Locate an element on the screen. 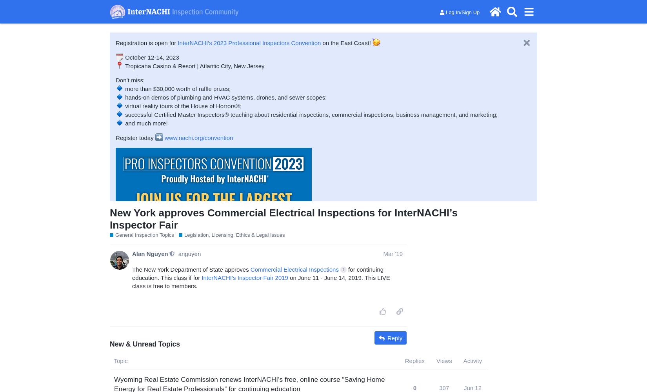  'Activity' is located at coordinates (472, 361).